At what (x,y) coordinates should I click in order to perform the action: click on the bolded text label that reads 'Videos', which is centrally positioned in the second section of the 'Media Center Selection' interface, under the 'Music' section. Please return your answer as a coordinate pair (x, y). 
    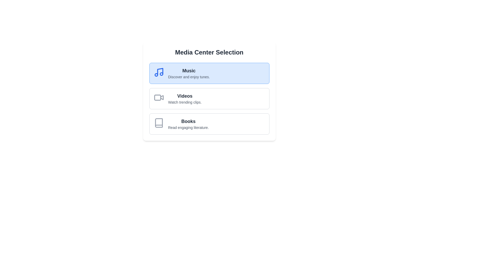
    Looking at the image, I should click on (185, 96).